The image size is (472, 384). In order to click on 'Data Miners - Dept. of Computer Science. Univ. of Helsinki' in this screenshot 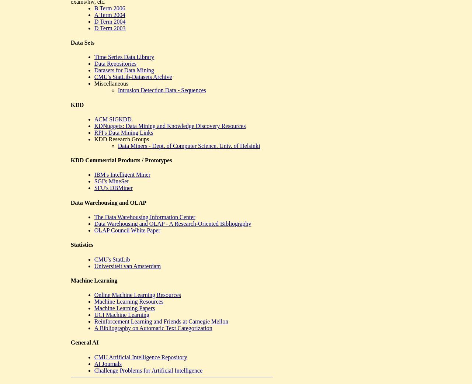, I will do `click(189, 145)`.